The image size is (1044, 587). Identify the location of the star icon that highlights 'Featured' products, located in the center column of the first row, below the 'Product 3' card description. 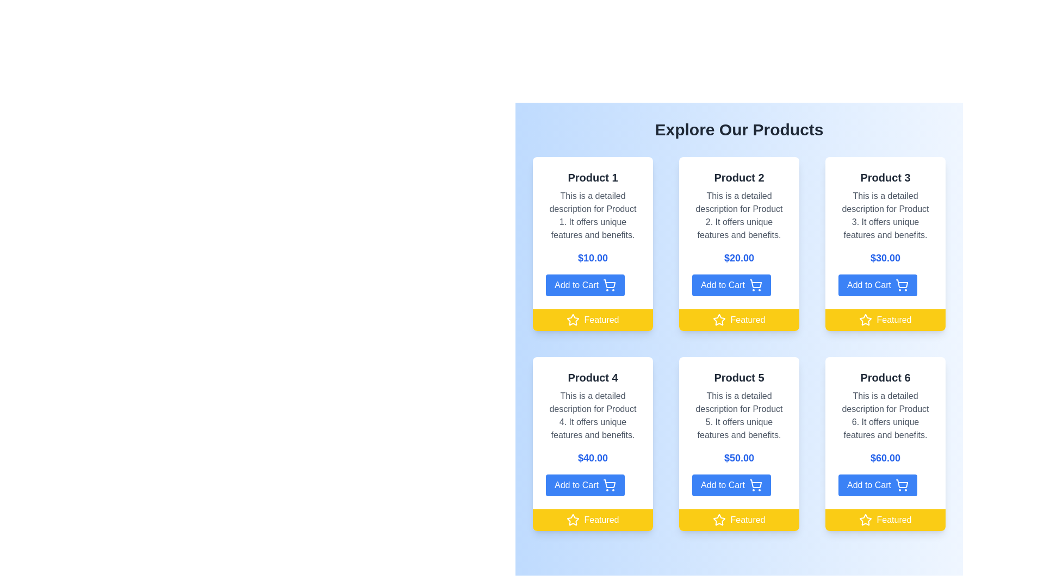
(865, 319).